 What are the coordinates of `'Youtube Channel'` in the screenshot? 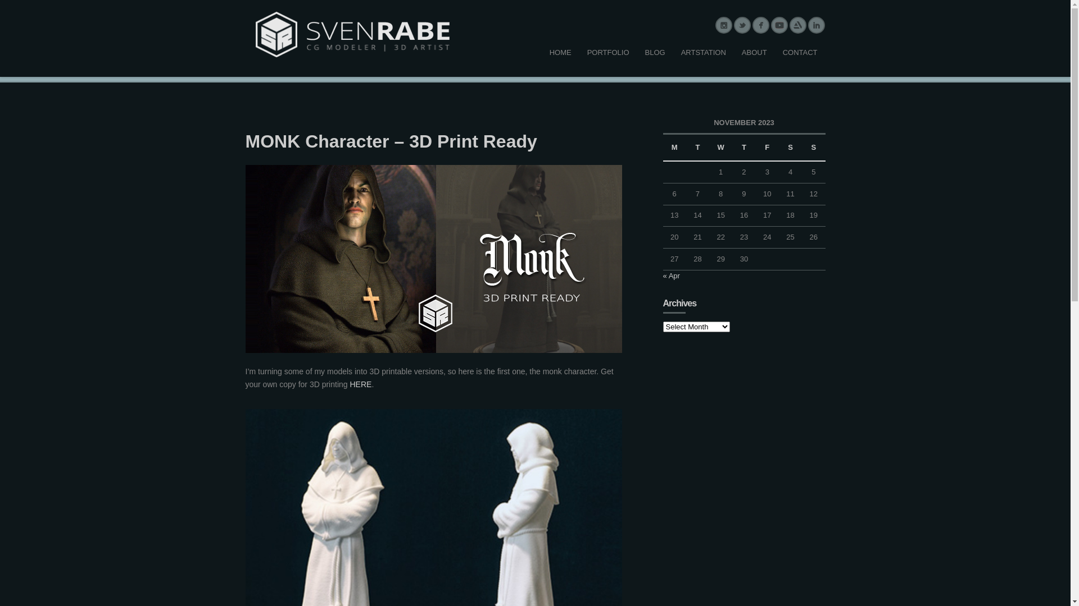 It's located at (778, 25).